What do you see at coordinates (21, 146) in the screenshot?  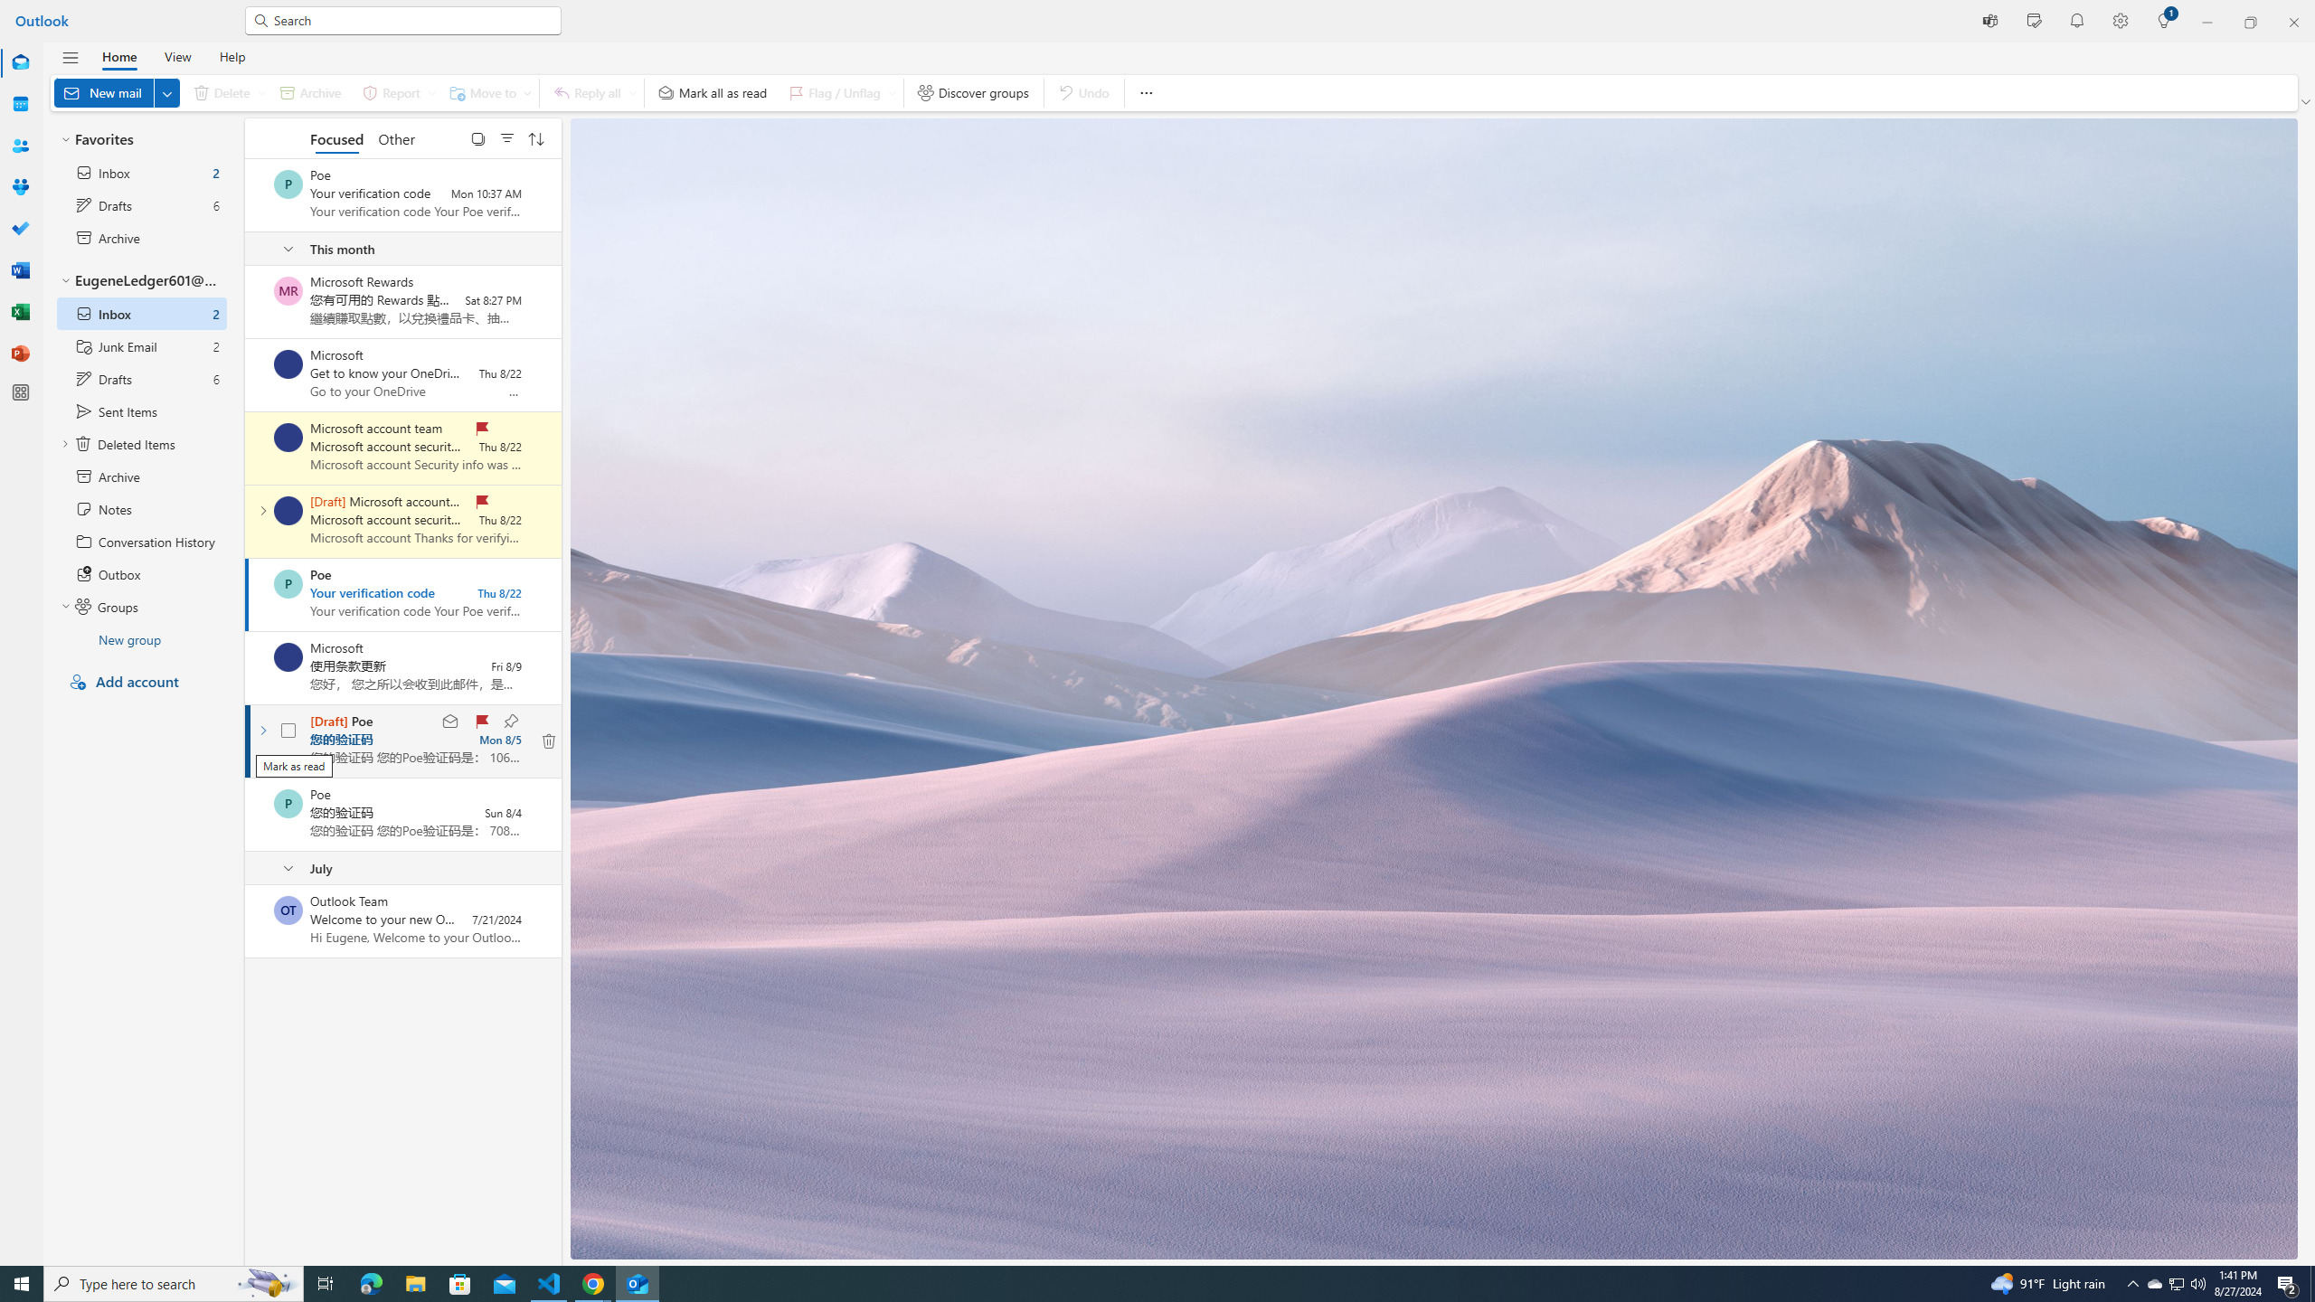 I see `'People'` at bounding box center [21, 146].